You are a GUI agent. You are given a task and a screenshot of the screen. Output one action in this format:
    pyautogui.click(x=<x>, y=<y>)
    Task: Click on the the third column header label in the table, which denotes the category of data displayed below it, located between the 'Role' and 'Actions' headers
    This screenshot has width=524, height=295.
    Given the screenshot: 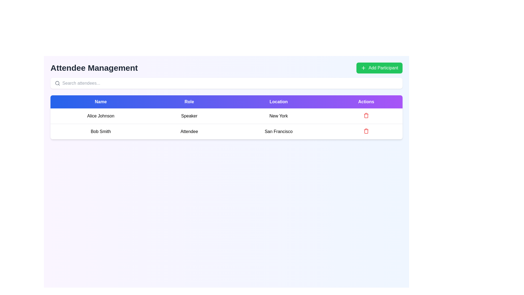 What is the action you would take?
    pyautogui.click(x=279, y=102)
    